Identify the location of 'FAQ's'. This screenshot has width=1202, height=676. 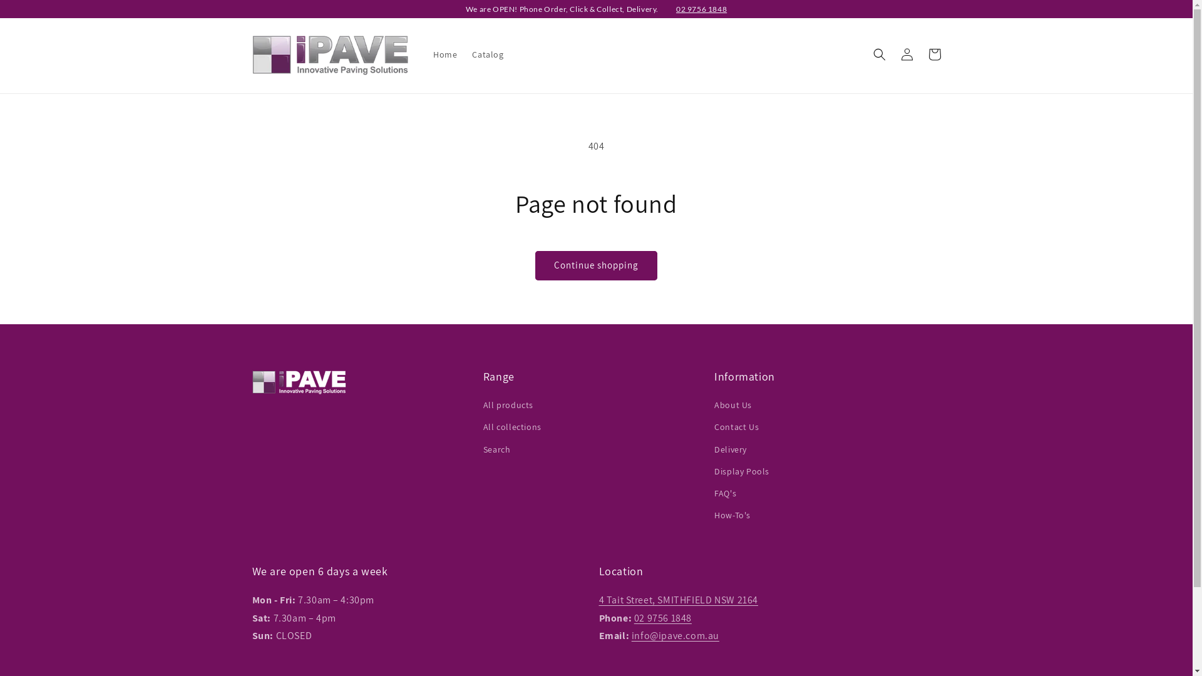
(725, 493).